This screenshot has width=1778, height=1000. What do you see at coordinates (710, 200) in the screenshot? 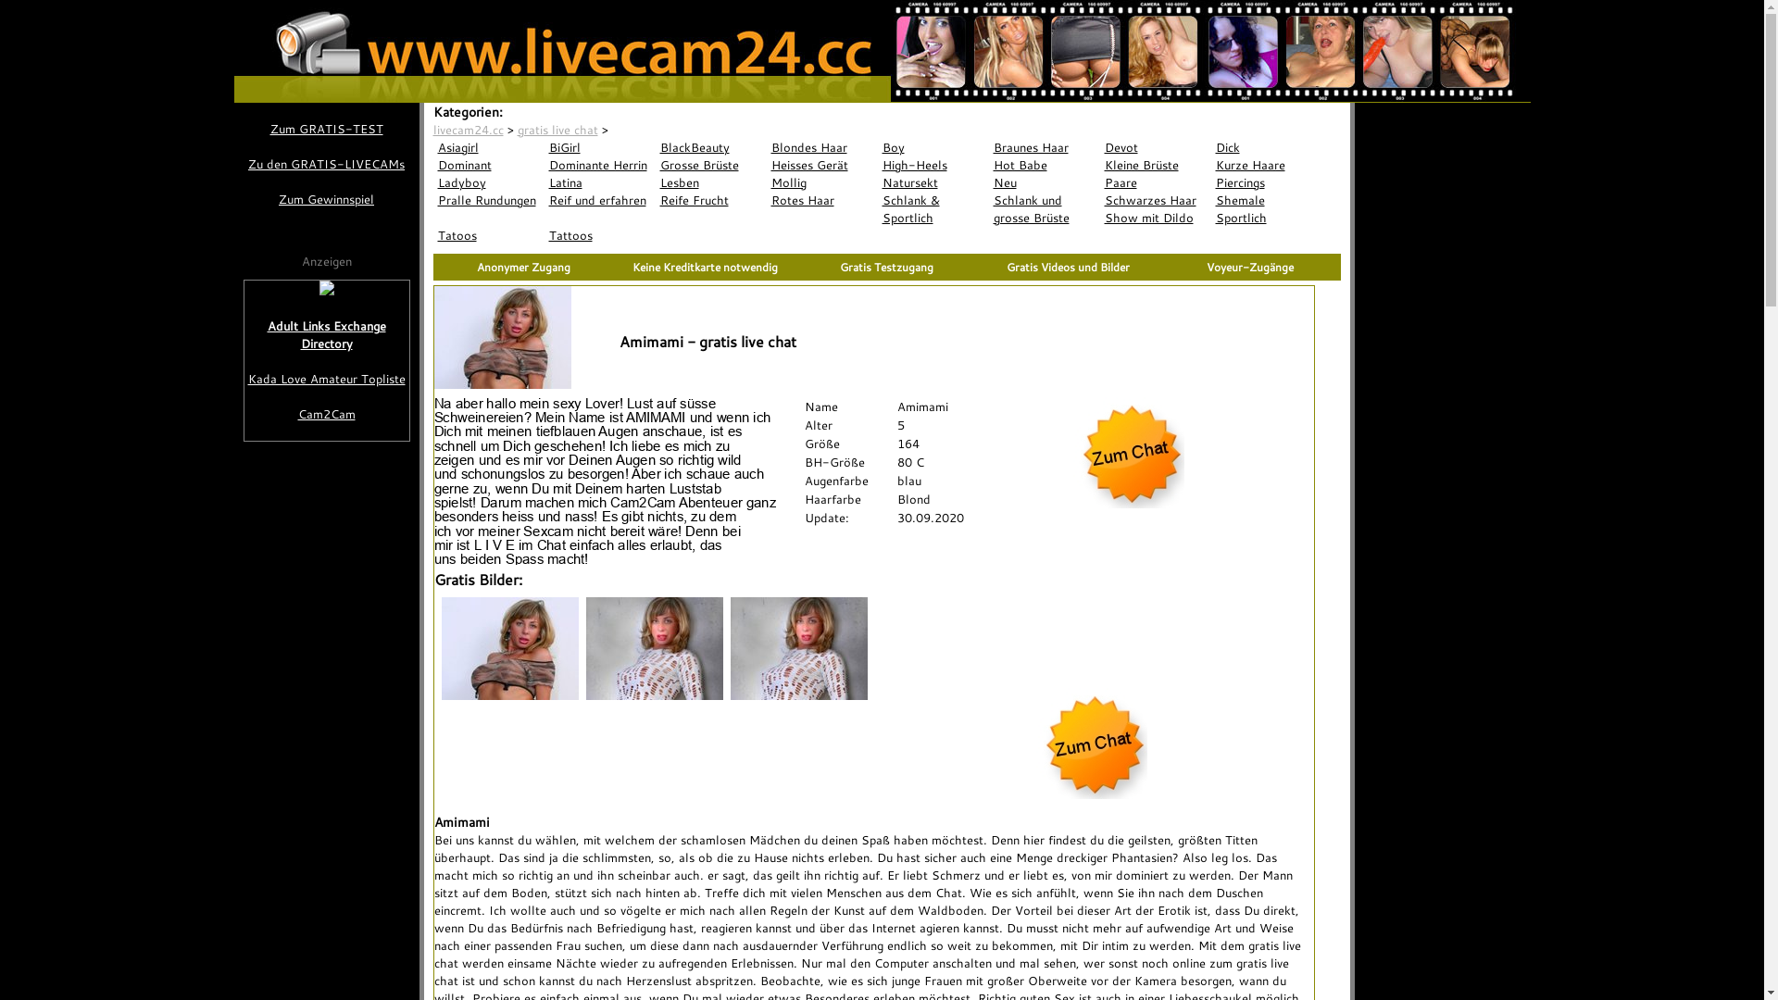
I see `'Reife Frucht'` at bounding box center [710, 200].